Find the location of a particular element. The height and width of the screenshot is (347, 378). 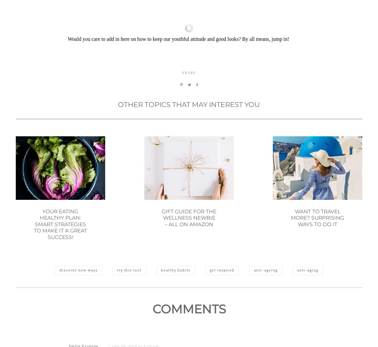

'anti-aging' is located at coordinates (307, 302).